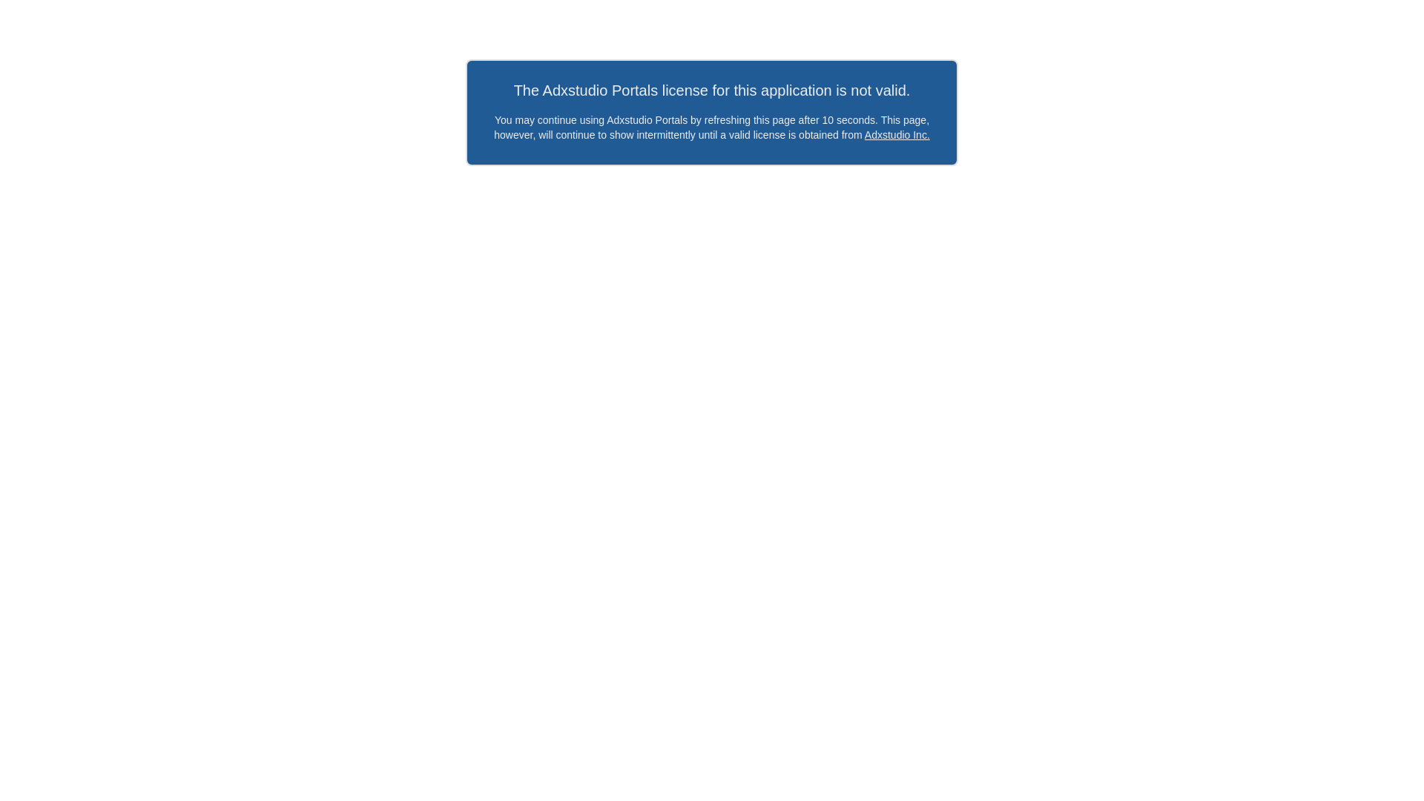 Image resolution: width=1424 pixels, height=801 pixels. Describe the element at coordinates (896, 134) in the screenshot. I see `'Adxstudio Inc.'` at that location.